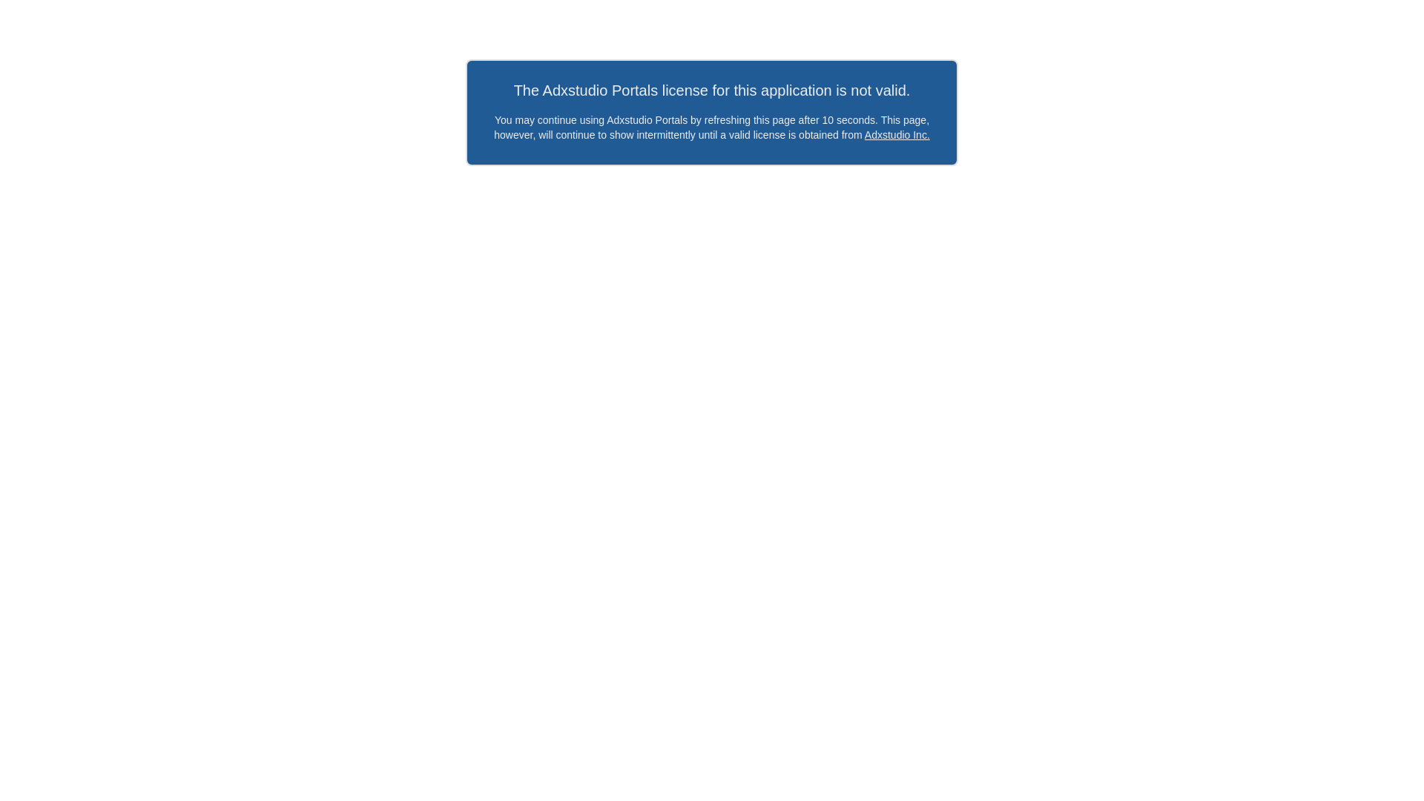 Image resolution: width=1424 pixels, height=801 pixels. Describe the element at coordinates (896, 134) in the screenshot. I see `'Adxstudio Inc.'` at that location.